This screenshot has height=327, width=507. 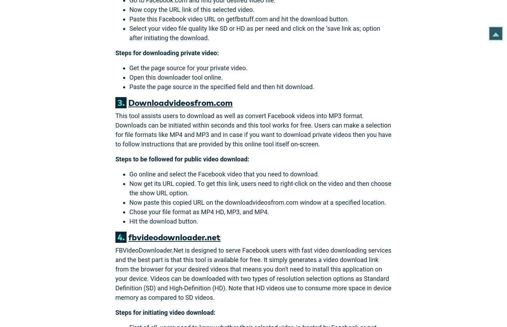 What do you see at coordinates (166, 52) in the screenshot?
I see `'Steps for downloading private video:'` at bounding box center [166, 52].